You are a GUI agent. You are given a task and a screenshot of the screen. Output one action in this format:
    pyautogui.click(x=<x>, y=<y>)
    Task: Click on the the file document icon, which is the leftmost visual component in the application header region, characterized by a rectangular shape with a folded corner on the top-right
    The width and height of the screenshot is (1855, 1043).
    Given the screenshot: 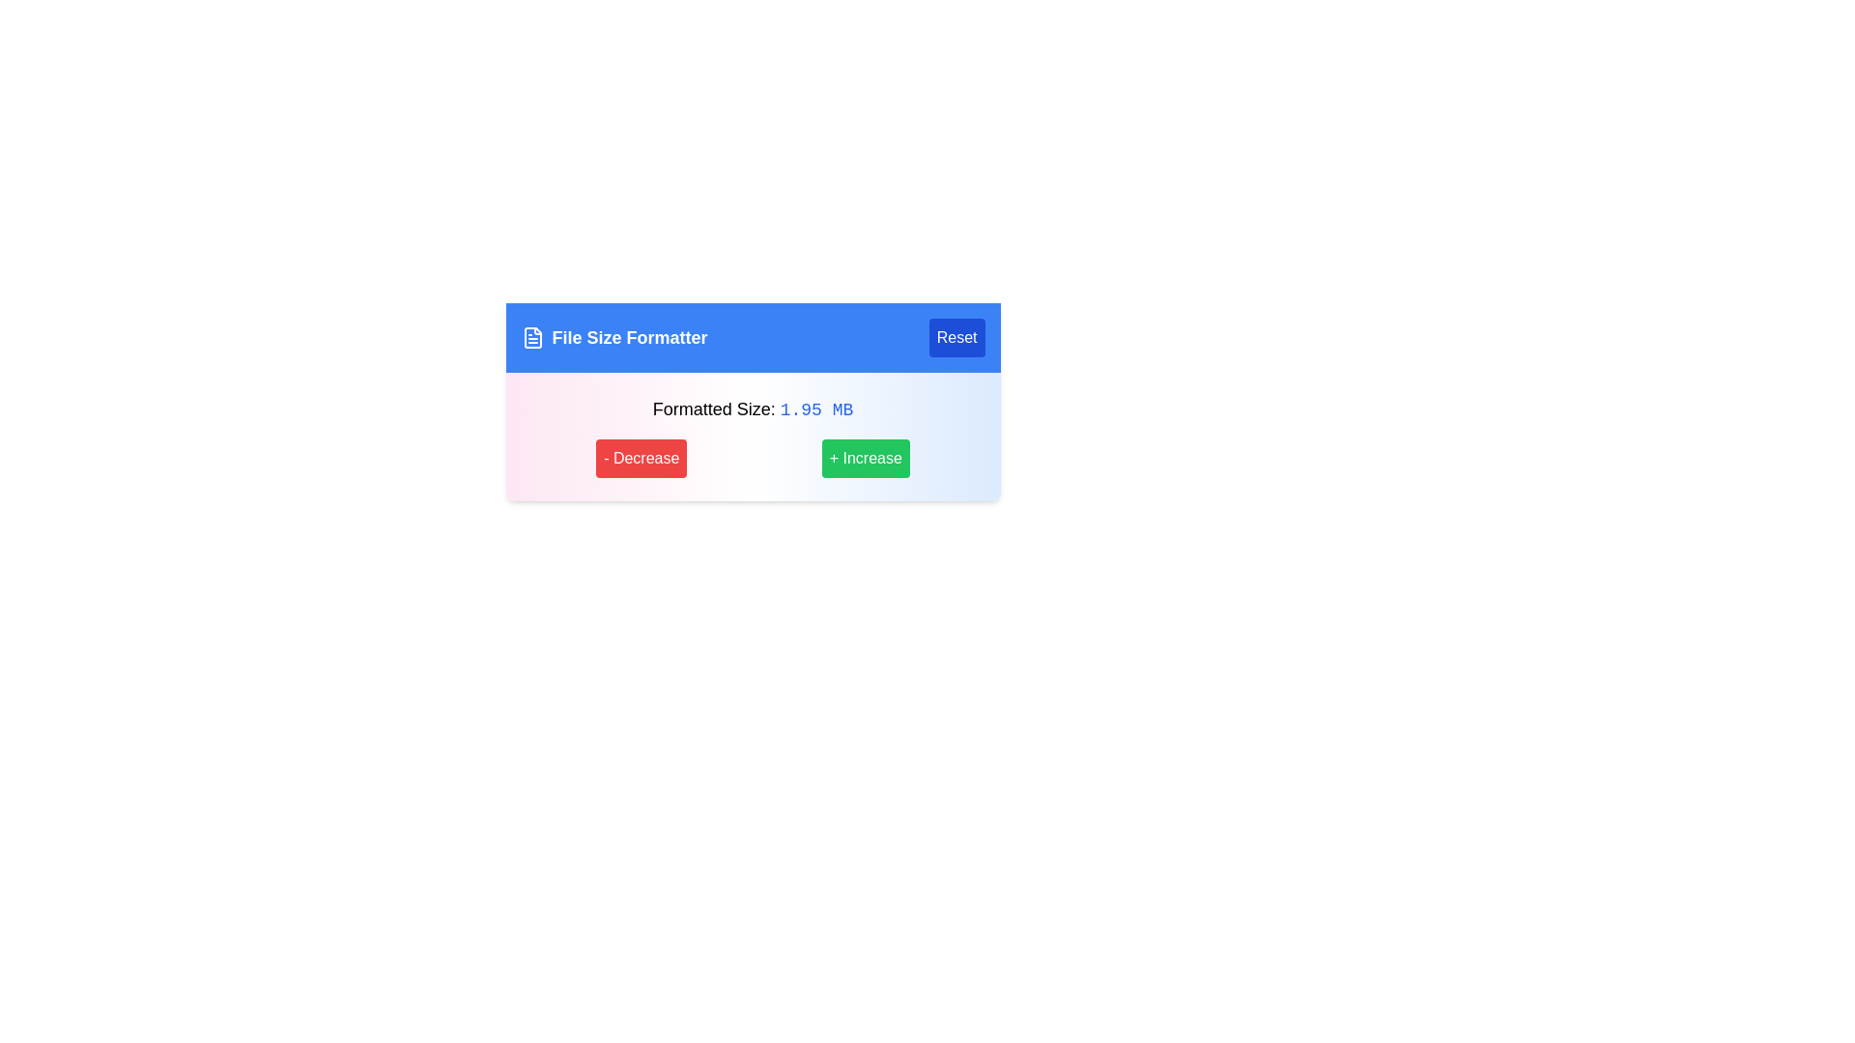 What is the action you would take?
    pyautogui.click(x=532, y=337)
    